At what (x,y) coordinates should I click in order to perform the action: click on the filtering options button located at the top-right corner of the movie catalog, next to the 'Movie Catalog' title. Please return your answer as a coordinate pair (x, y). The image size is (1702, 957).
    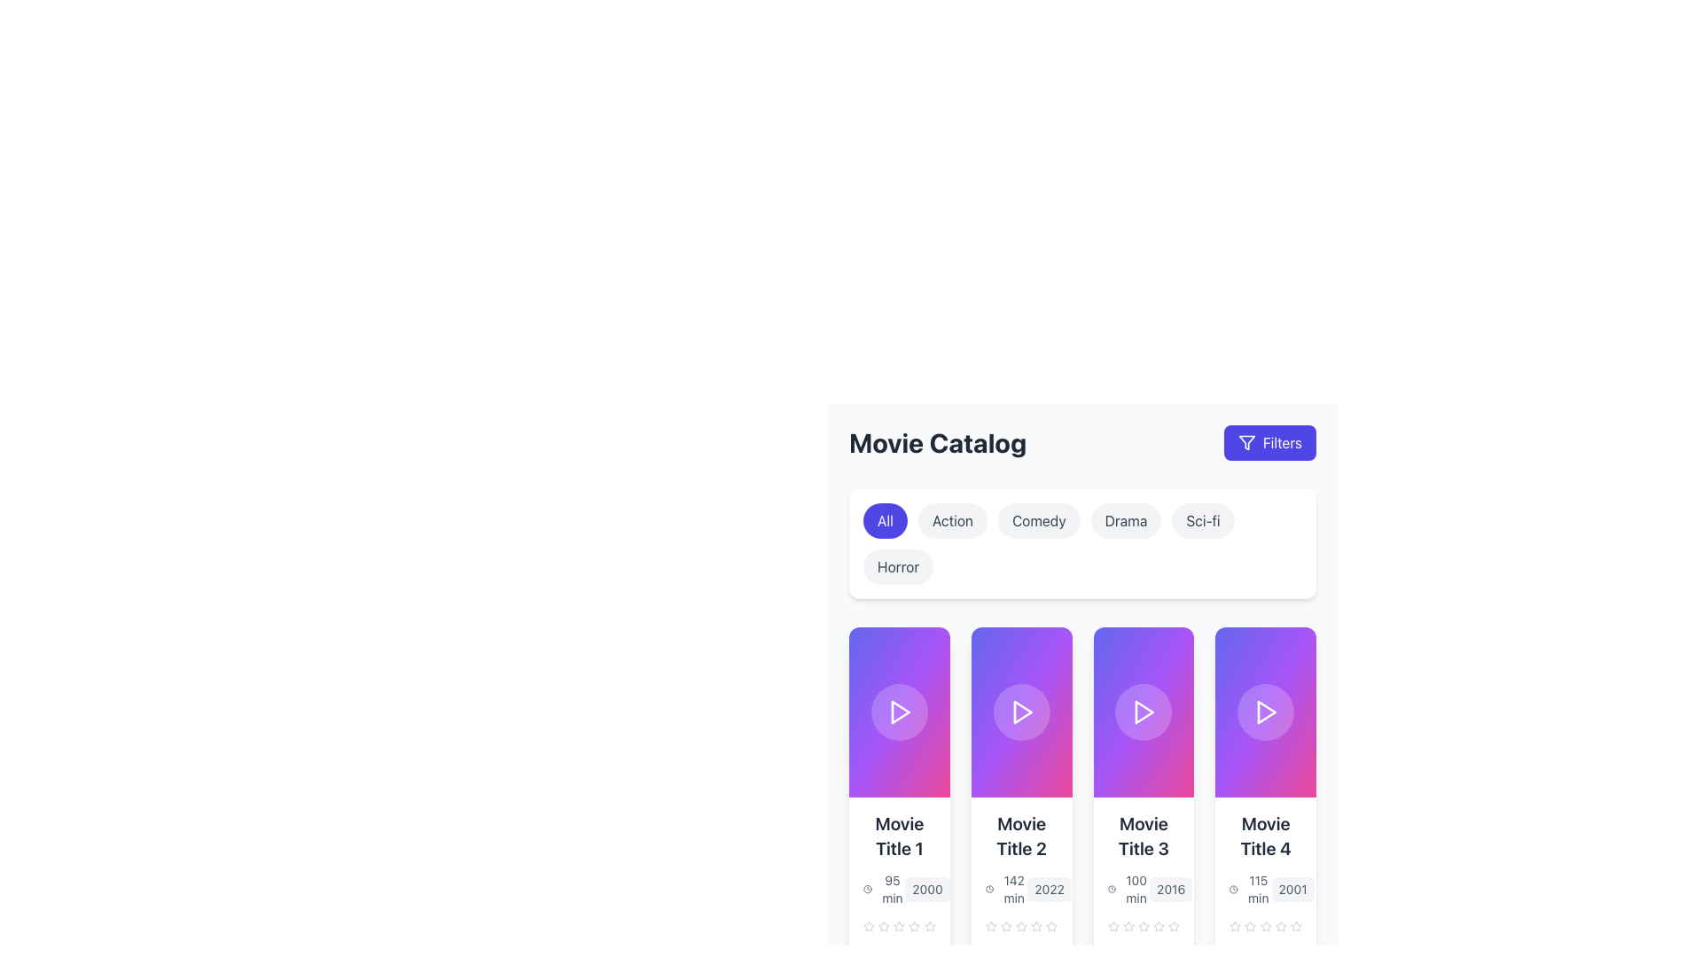
    Looking at the image, I should click on (1269, 442).